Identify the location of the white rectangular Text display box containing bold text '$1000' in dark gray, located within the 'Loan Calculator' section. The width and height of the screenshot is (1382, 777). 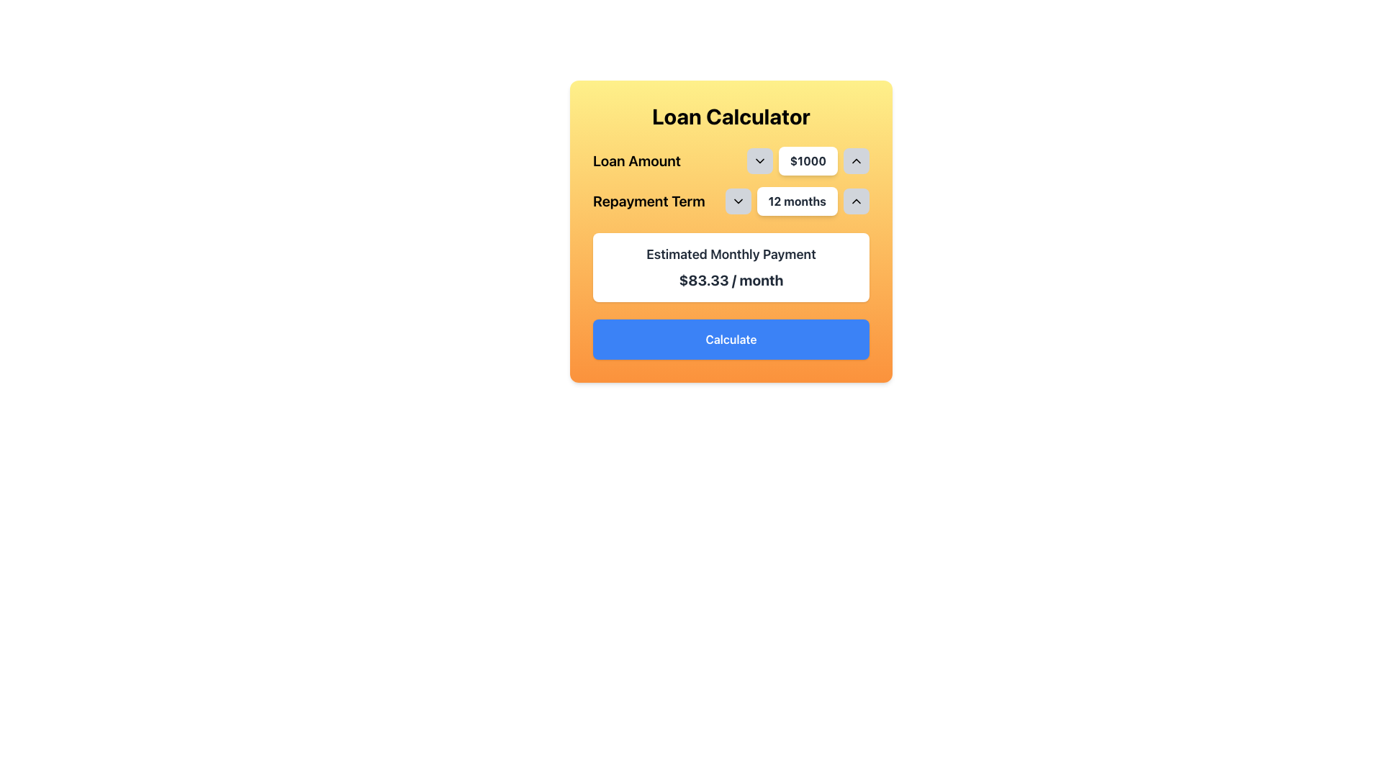
(808, 160).